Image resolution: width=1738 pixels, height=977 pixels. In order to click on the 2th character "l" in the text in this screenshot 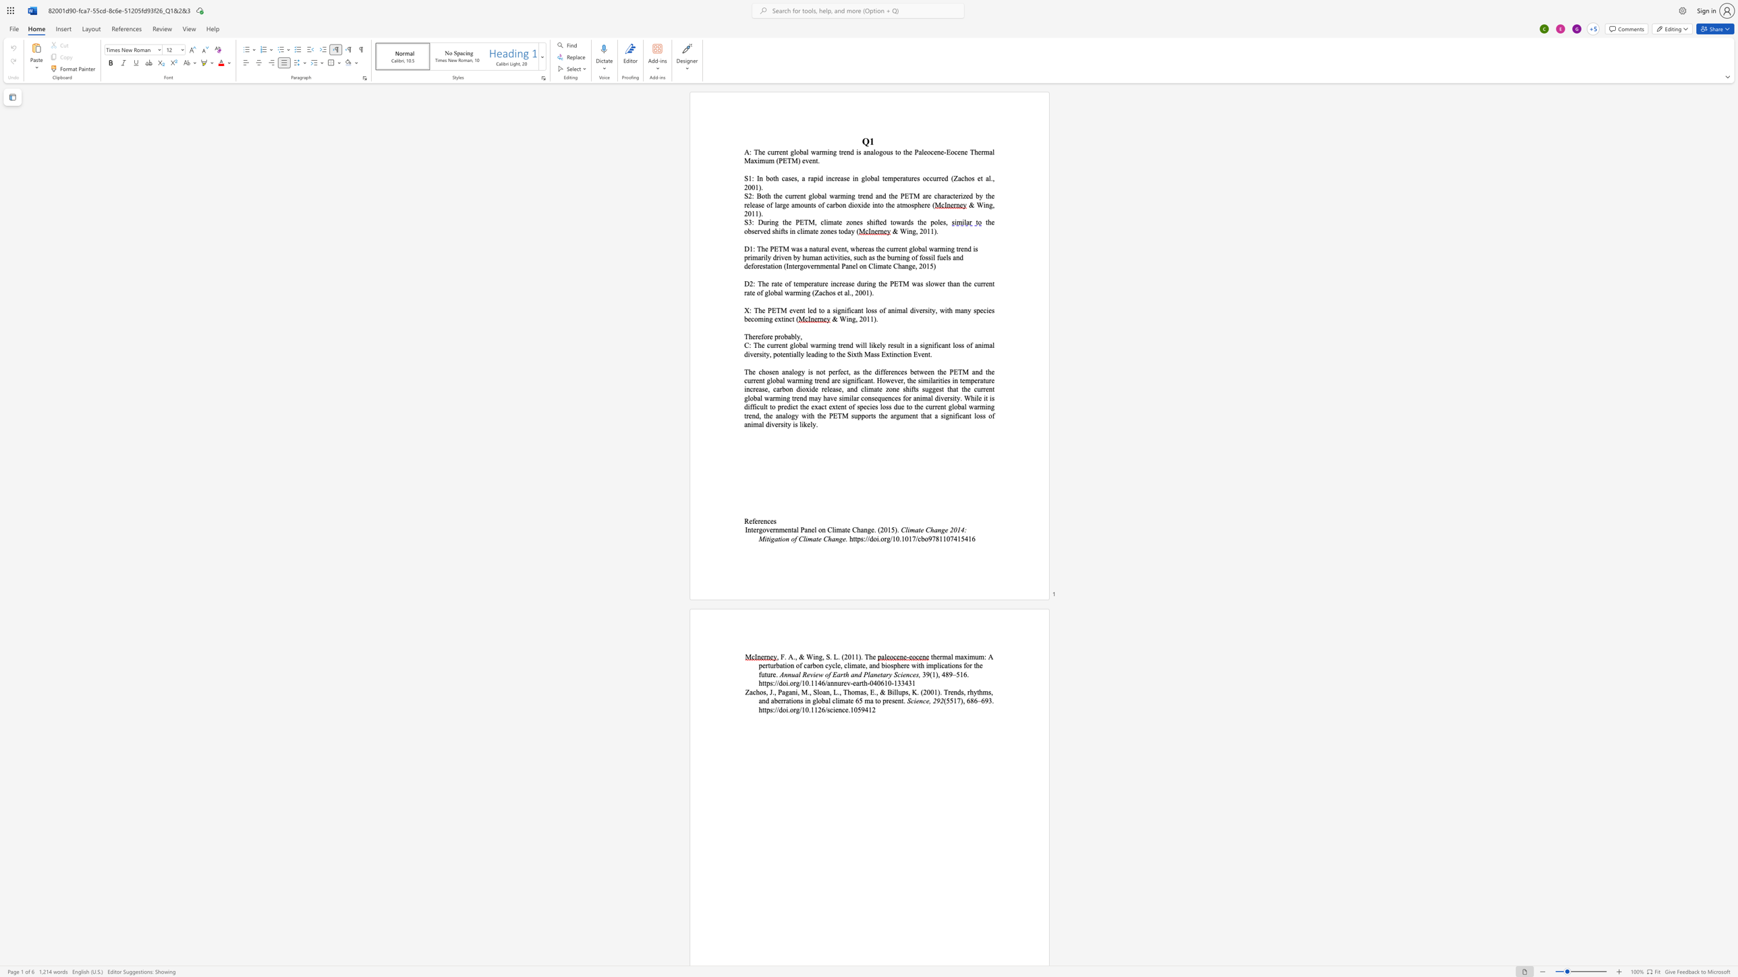, I will do `click(815, 529)`.